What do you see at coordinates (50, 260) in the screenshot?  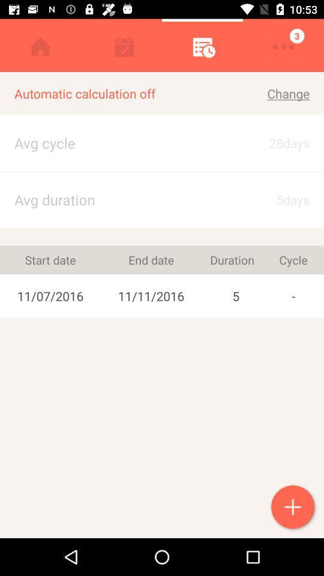 I see `icon next to the 11/11/2016` at bounding box center [50, 260].